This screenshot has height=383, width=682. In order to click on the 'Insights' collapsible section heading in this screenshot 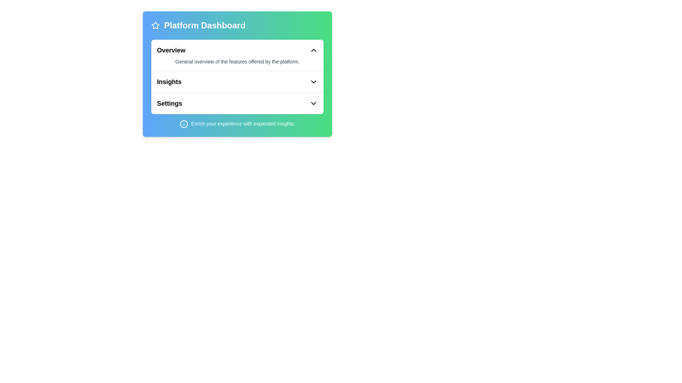, I will do `click(237, 81)`.